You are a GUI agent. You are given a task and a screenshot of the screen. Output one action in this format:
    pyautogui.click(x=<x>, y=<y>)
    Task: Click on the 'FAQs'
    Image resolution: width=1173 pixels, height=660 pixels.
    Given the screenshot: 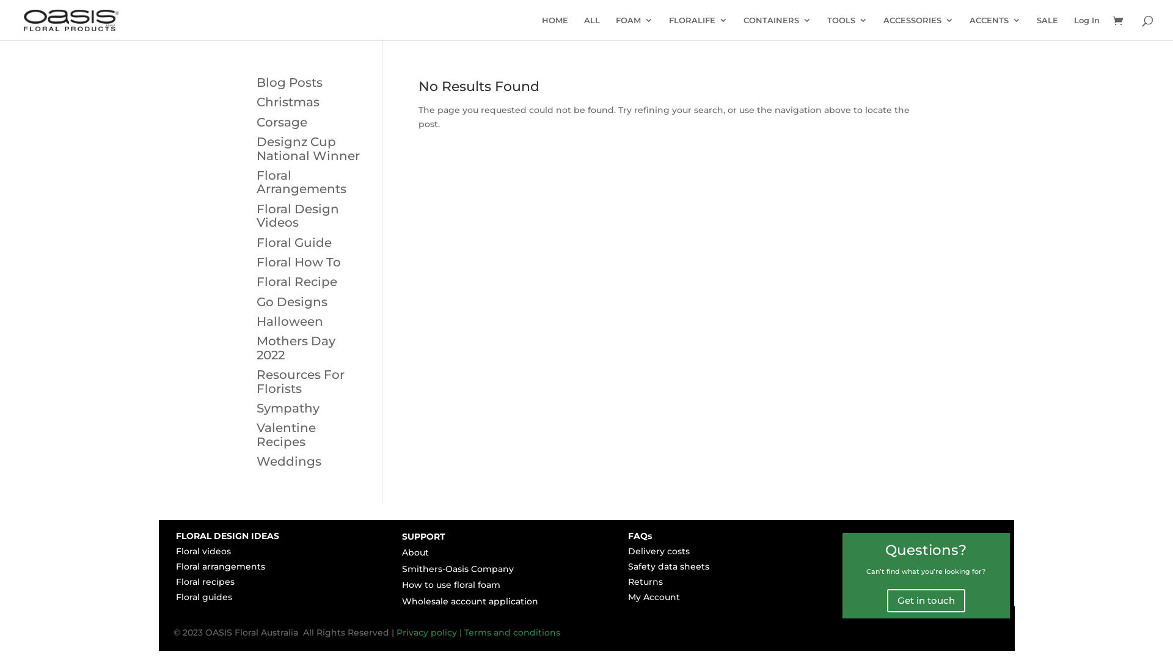 What is the action you would take?
    pyautogui.click(x=639, y=535)
    